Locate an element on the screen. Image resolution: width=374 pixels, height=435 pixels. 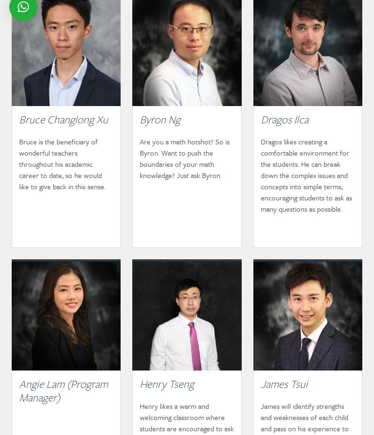
'Byron Ng' is located at coordinates (160, 119).